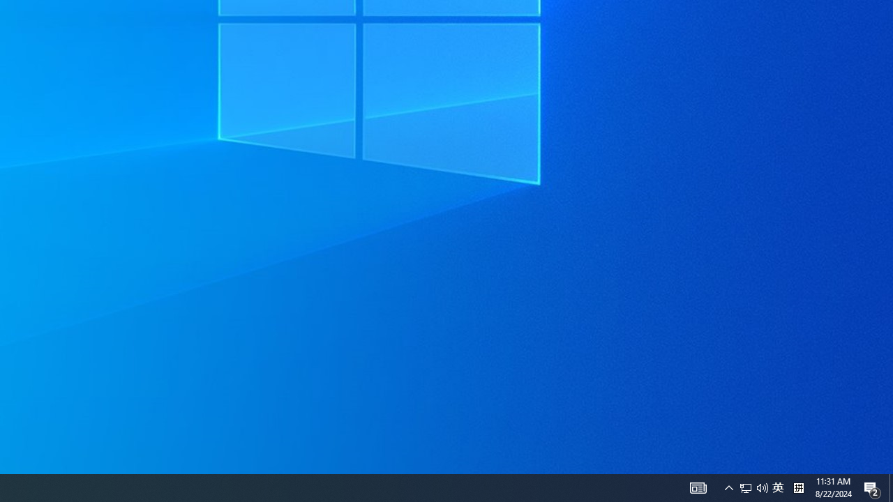  Describe the element at coordinates (728, 487) in the screenshot. I see `'Notification Chevron'` at that location.